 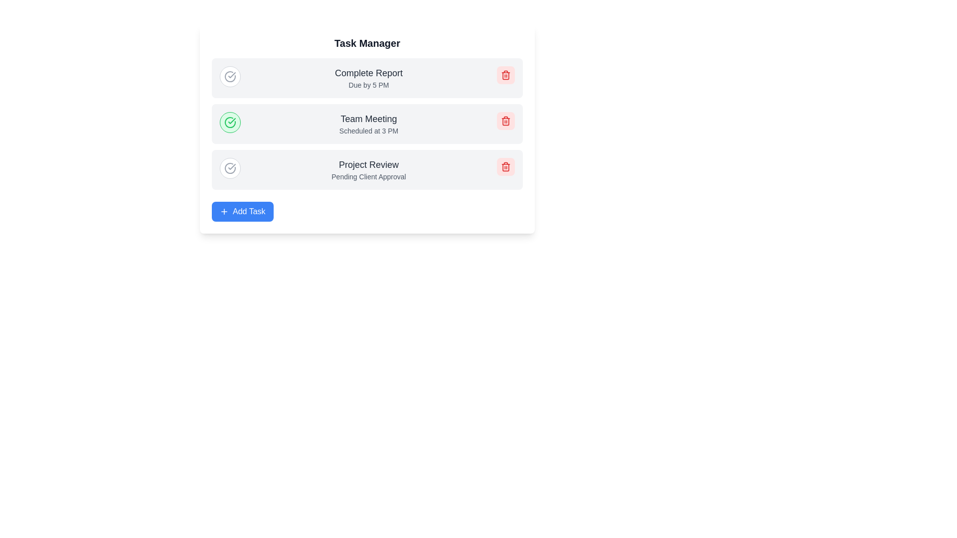 I want to click on the first task item in the task manager interface, which displays the task title and due date, positioned at the top of the list, so click(x=367, y=78).